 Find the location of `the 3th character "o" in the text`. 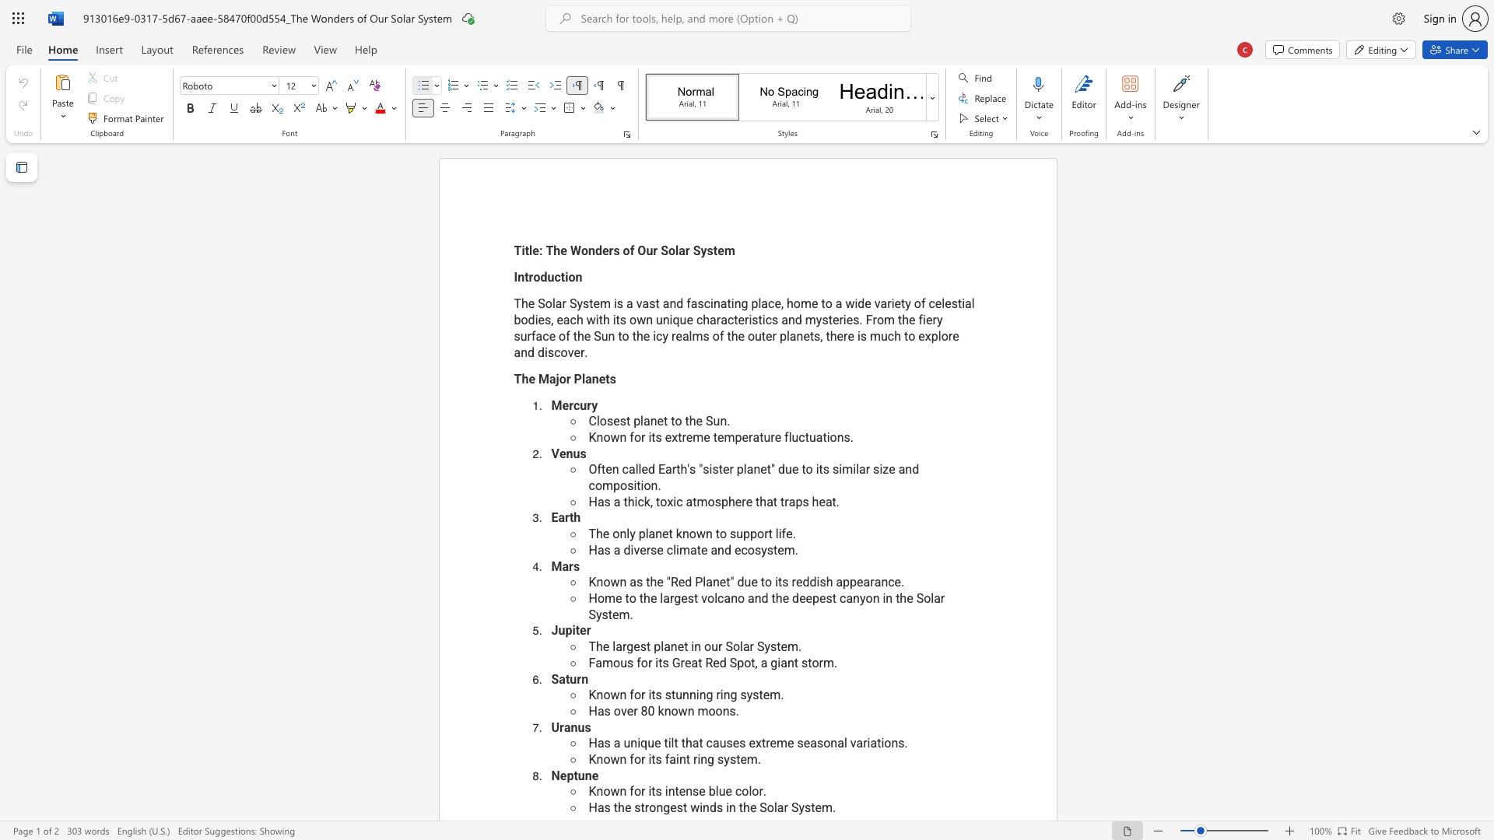

the 3th character "o" in the text is located at coordinates (747, 663).